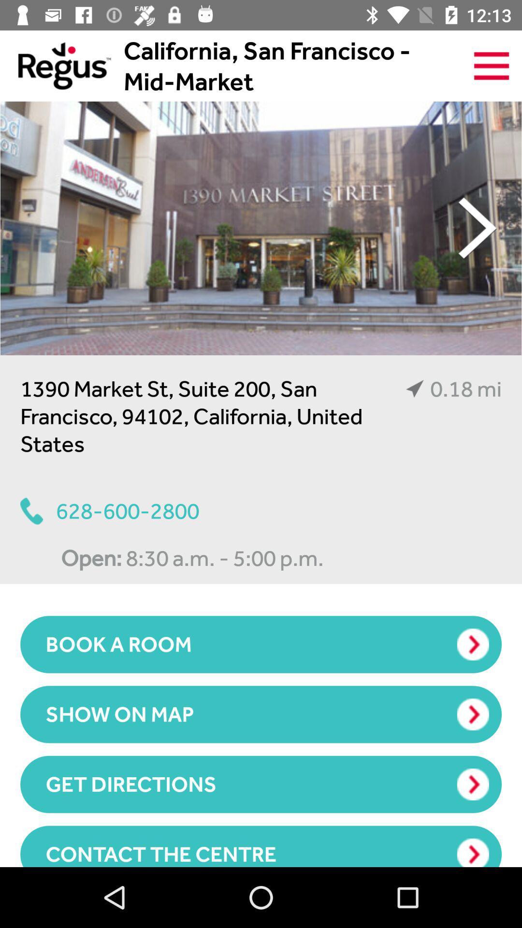 Image resolution: width=522 pixels, height=928 pixels. What do you see at coordinates (109, 510) in the screenshot?
I see `the icon above open 8 30` at bounding box center [109, 510].